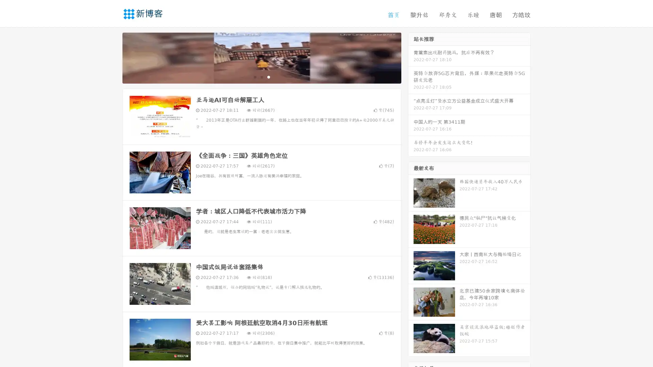 Image resolution: width=653 pixels, height=367 pixels. I want to click on Previous slide, so click(112, 57).